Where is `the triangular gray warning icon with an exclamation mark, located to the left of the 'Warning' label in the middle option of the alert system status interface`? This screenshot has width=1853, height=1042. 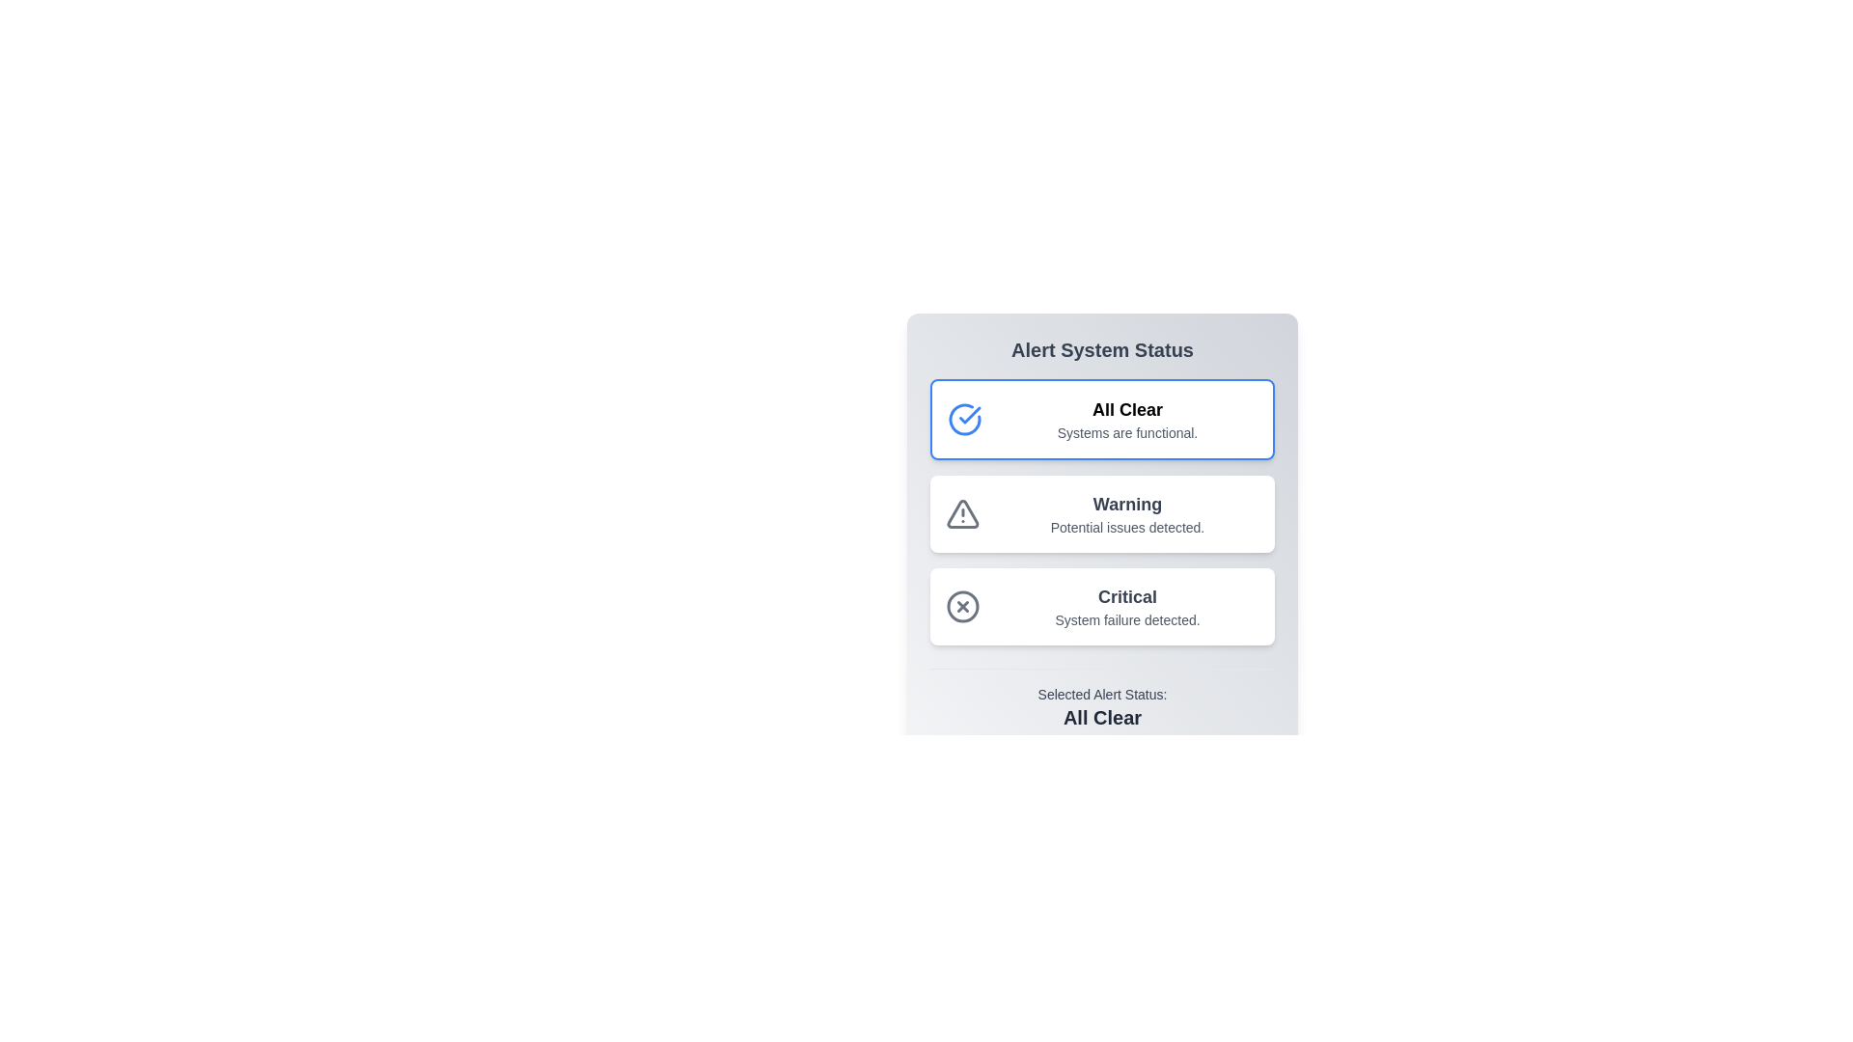
the triangular gray warning icon with an exclamation mark, located to the left of the 'Warning' label in the middle option of the alert system status interface is located at coordinates (963, 512).